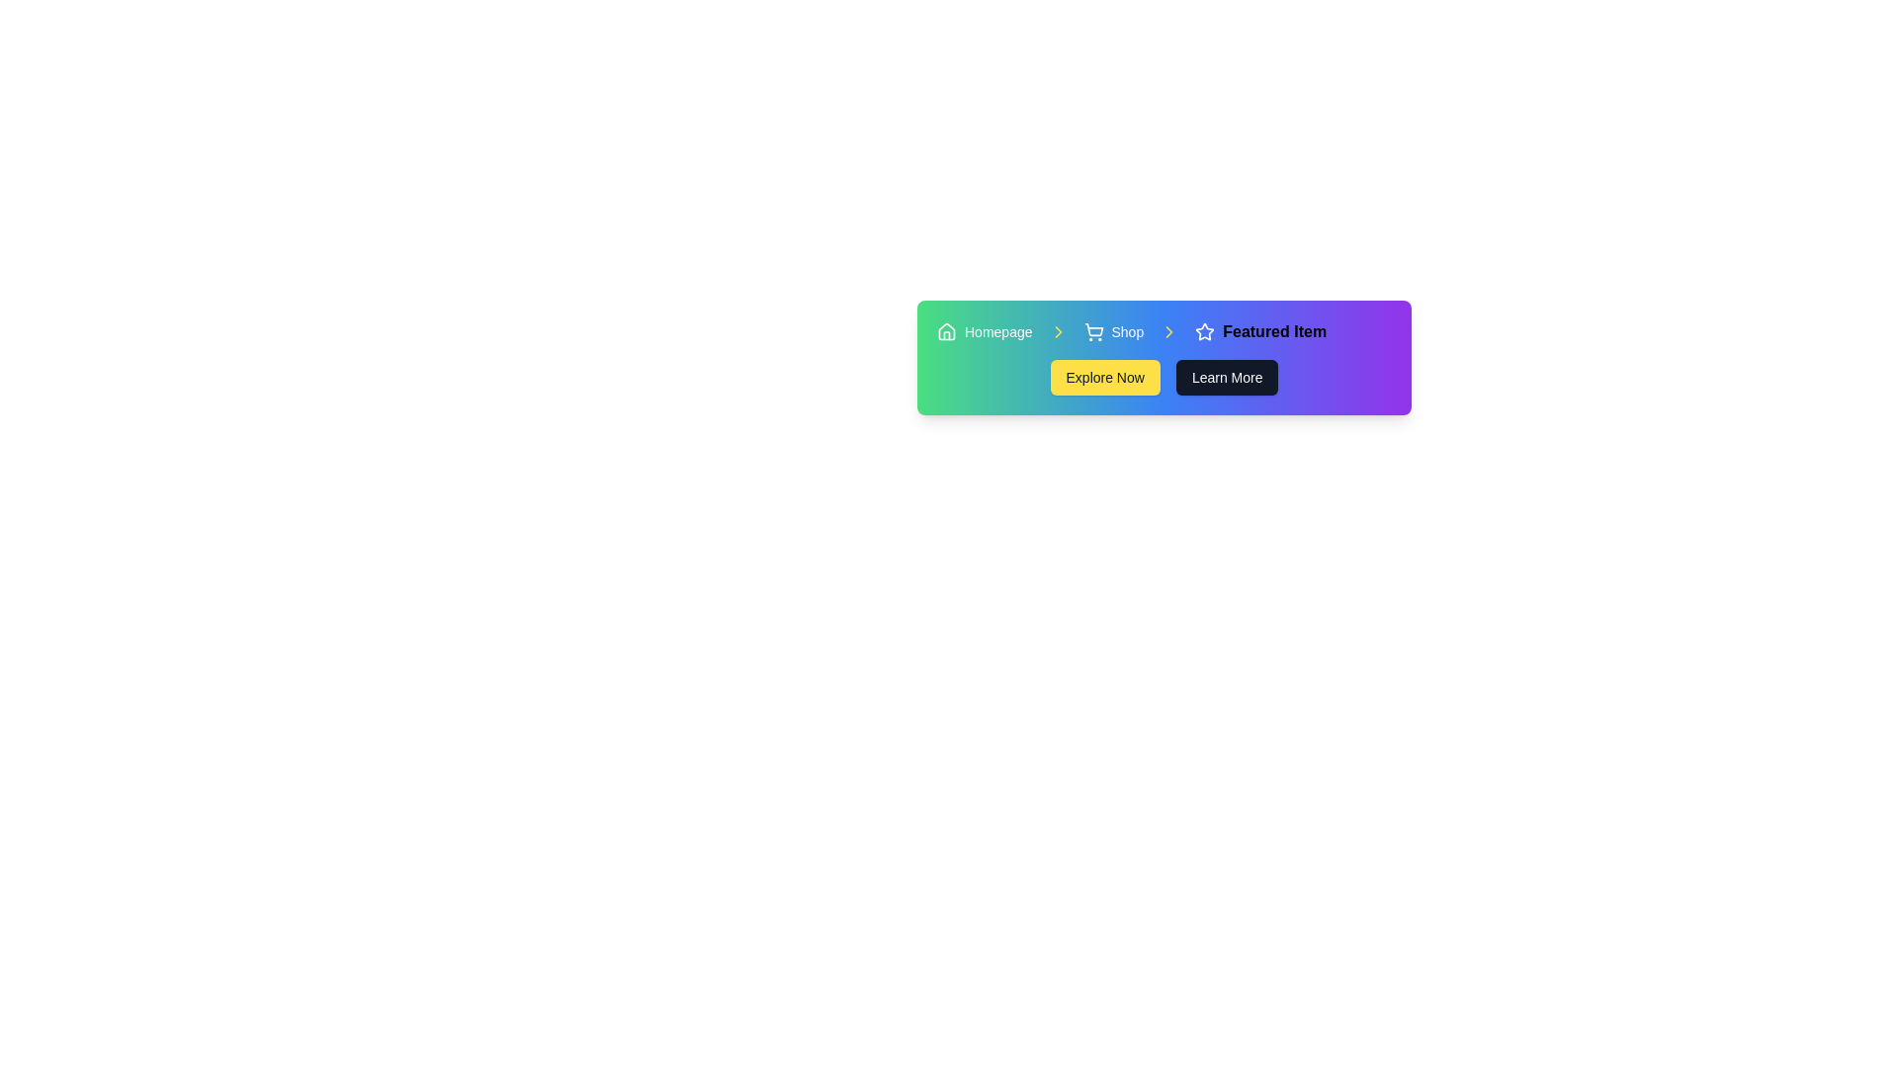  I want to click on the 'Explore Now' button located in the middle of the onscreen control bar, so click(1104, 377).